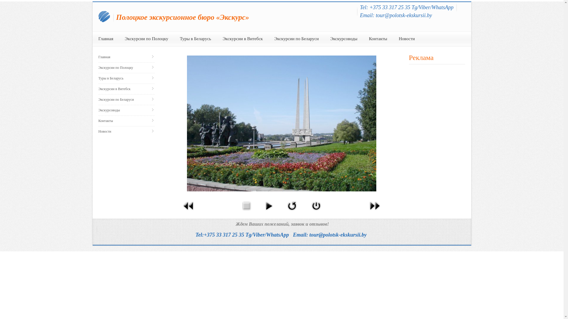 This screenshot has height=319, width=568. I want to click on 'Close Window', so click(316, 211).